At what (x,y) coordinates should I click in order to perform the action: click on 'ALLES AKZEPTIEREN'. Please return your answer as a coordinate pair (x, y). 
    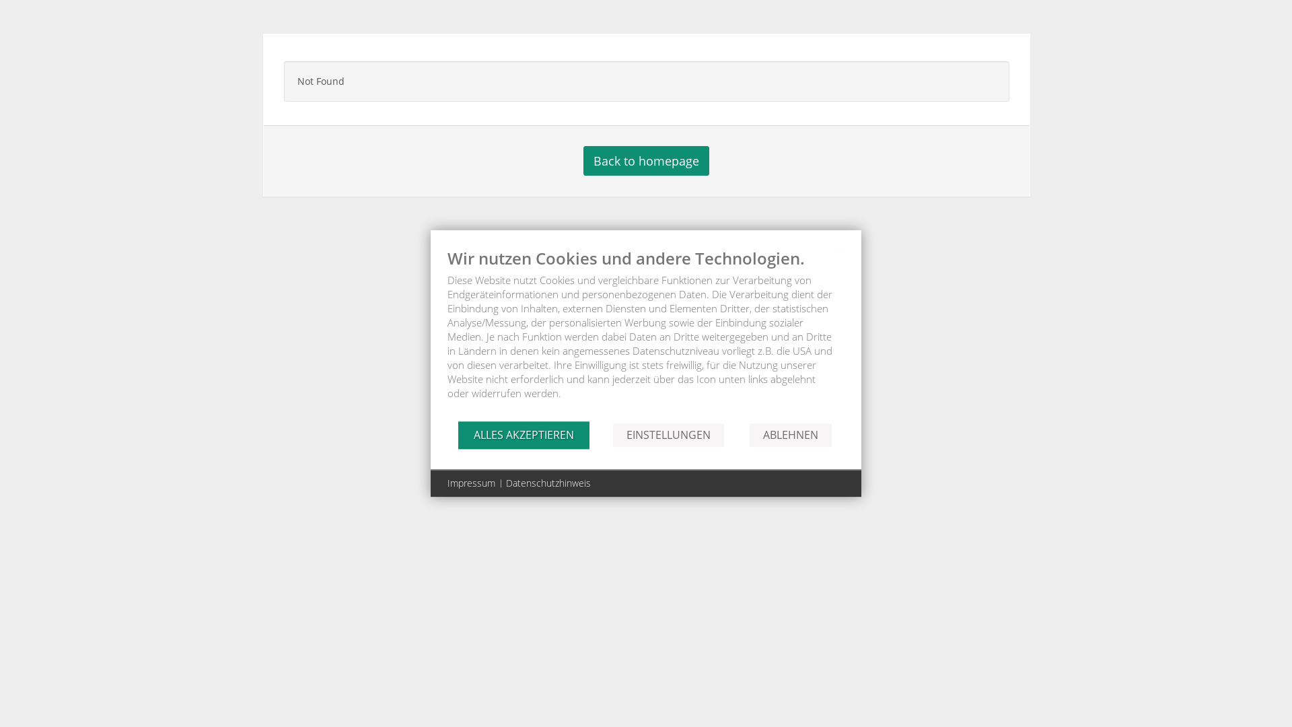
    Looking at the image, I should click on (458, 435).